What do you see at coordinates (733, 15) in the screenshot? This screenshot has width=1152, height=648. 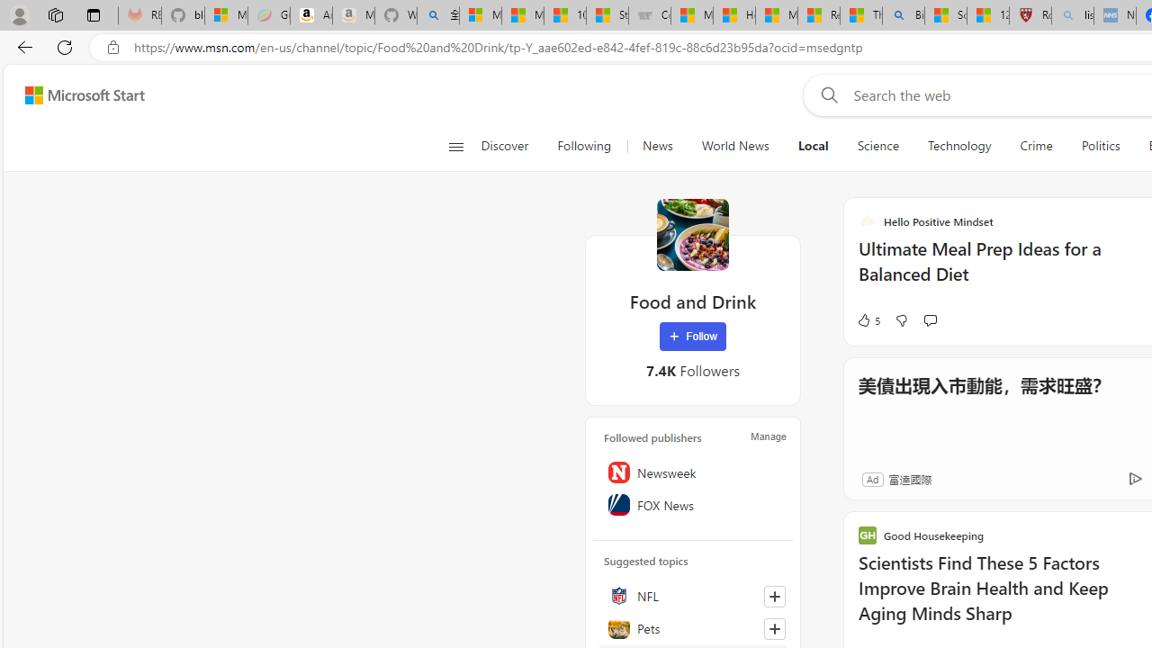 I see `'How I Got Rid of Microsoft Edge'` at bounding box center [733, 15].